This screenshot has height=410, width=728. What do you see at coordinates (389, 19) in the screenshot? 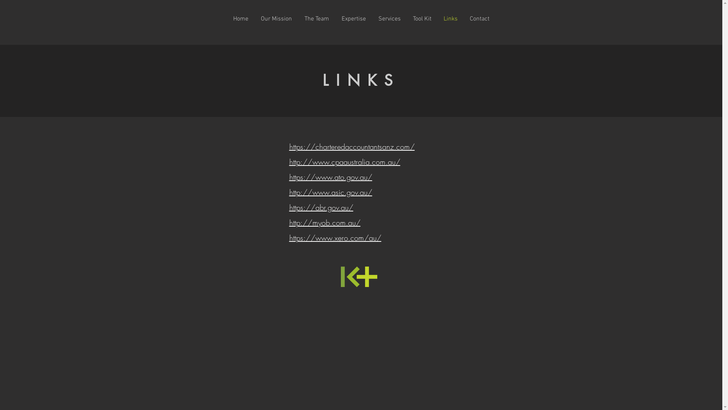
I see `'Services'` at bounding box center [389, 19].